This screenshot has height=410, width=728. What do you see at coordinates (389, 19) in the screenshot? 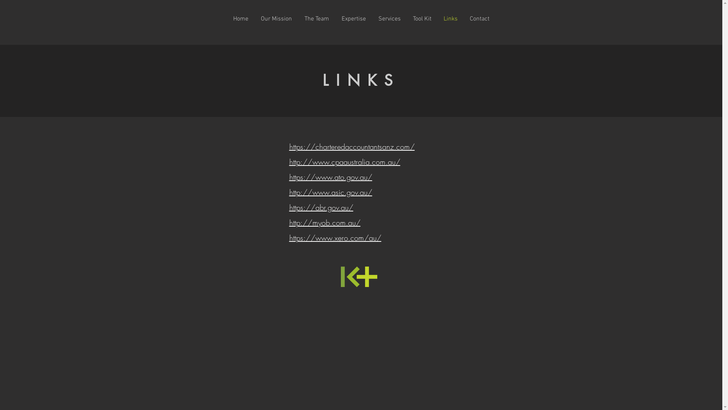
I see `'Services'` at bounding box center [389, 19].